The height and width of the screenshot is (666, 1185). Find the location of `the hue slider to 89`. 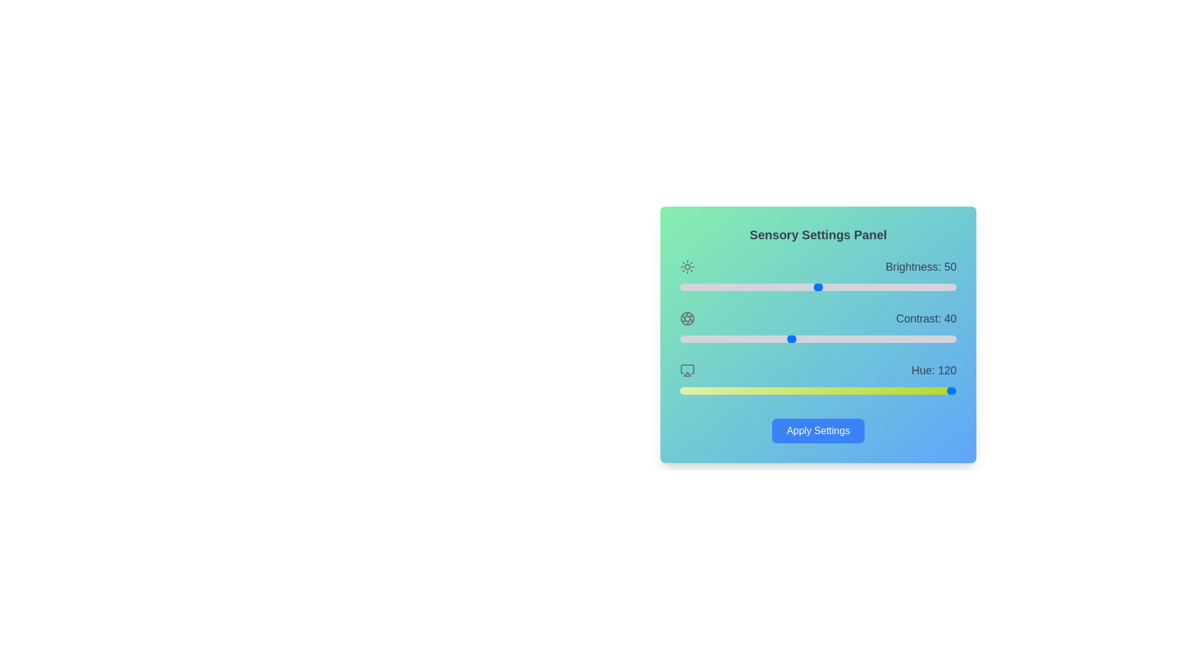

the hue slider to 89 is located at coordinates (747, 390).